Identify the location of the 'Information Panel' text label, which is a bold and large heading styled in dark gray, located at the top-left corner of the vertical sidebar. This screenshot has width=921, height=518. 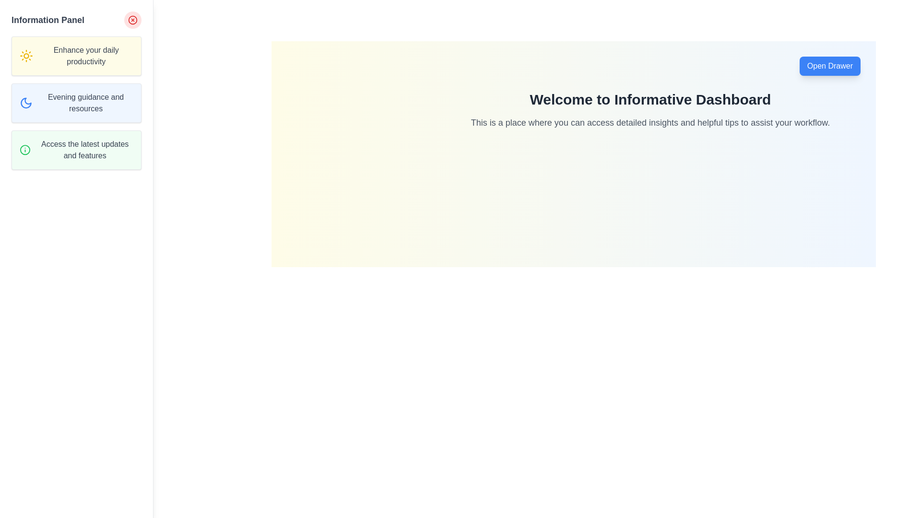
(47, 20).